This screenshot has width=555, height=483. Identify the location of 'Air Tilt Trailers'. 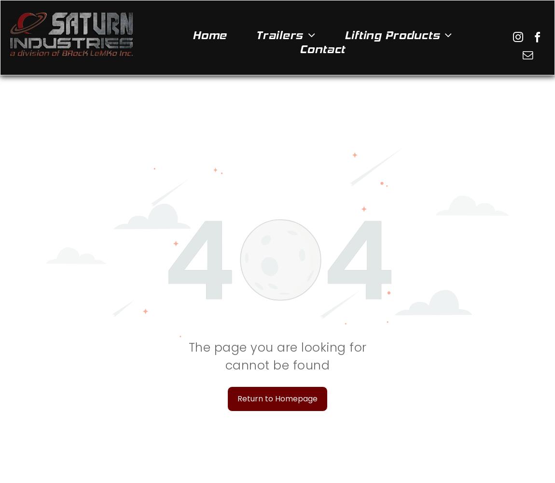
(263, 51).